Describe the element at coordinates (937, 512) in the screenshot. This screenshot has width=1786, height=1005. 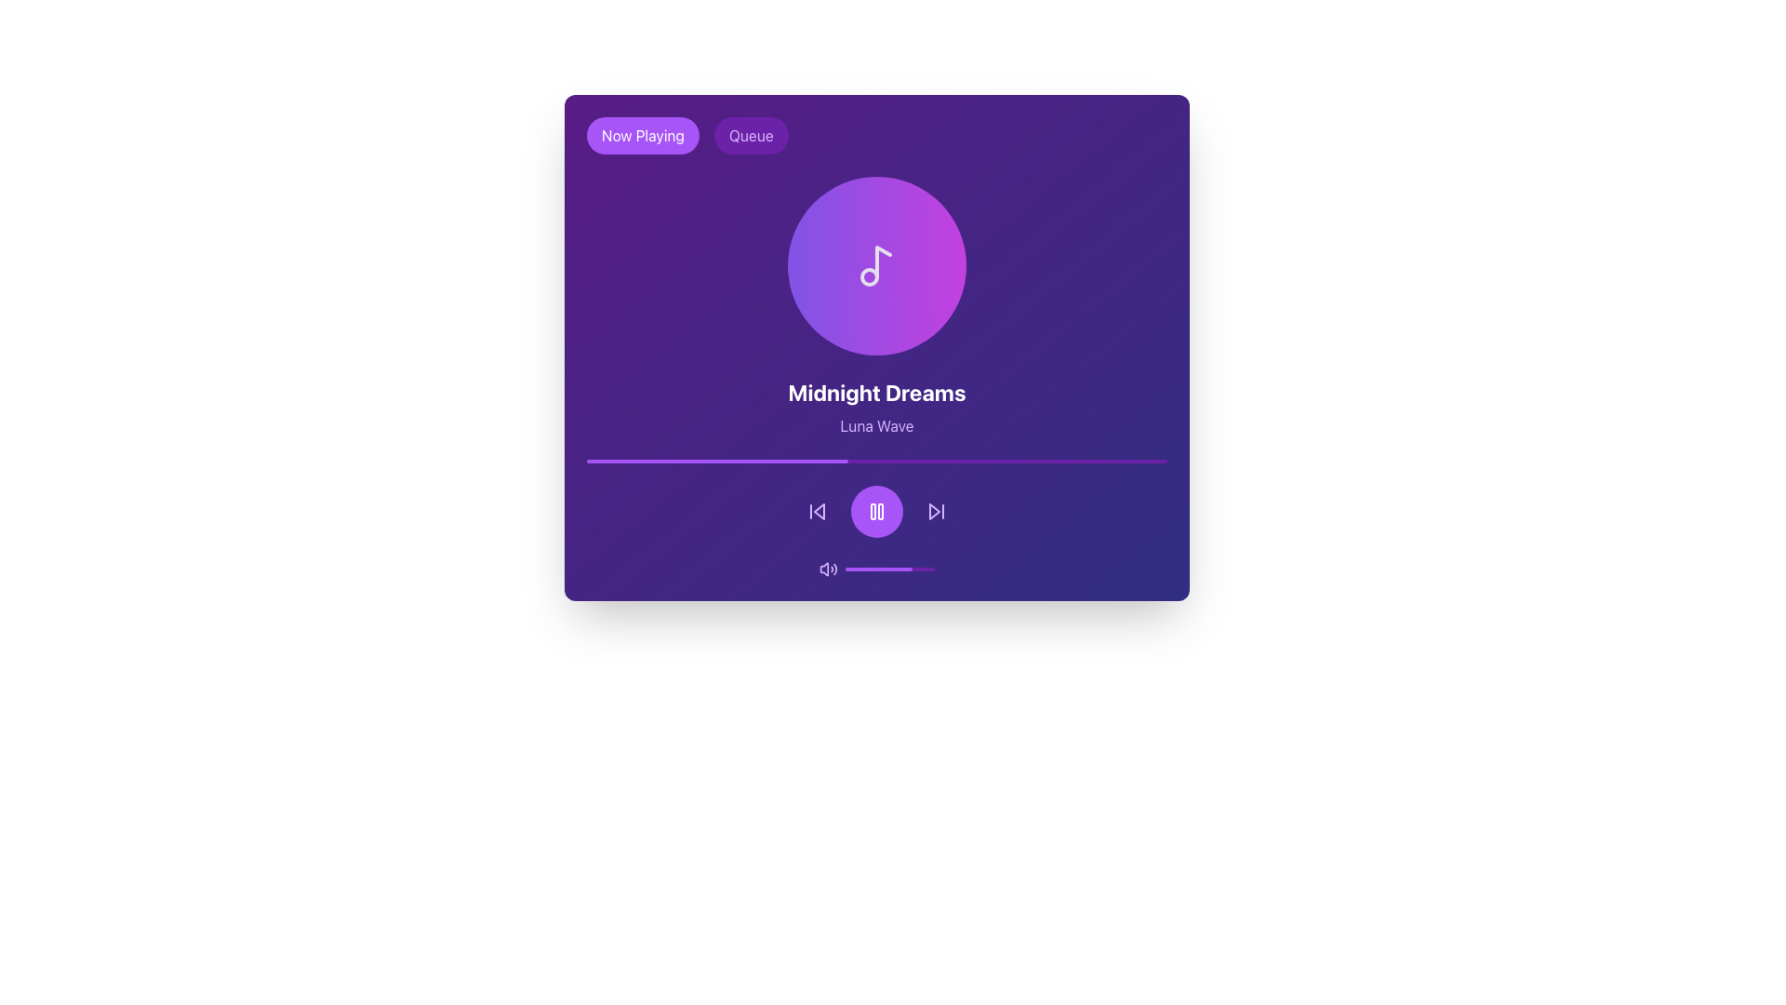
I see `the skip button located at the bottom-right corner of the media control panel to skip forward to the next track or chapter` at that location.